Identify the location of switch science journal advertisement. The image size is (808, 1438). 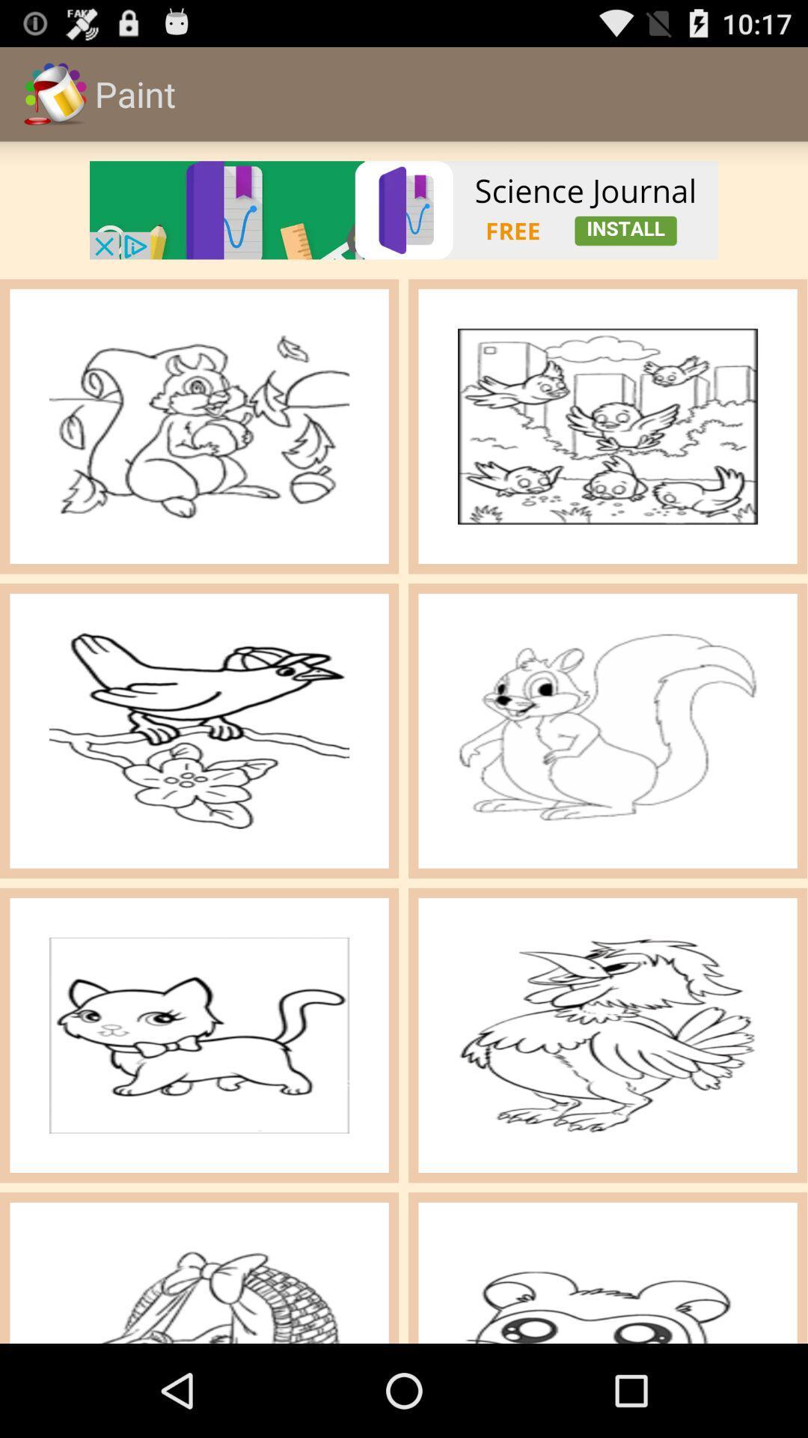
(404, 209).